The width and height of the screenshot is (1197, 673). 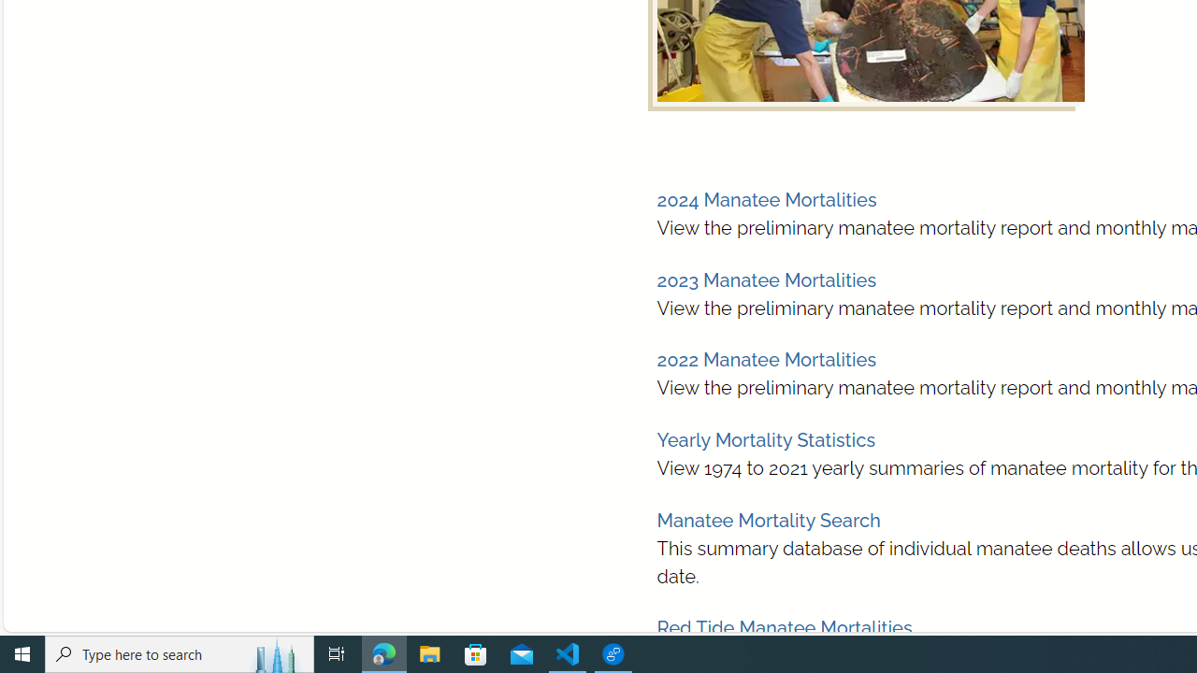 I want to click on 'Red Tide Manatee Mortalities', so click(x=784, y=628).